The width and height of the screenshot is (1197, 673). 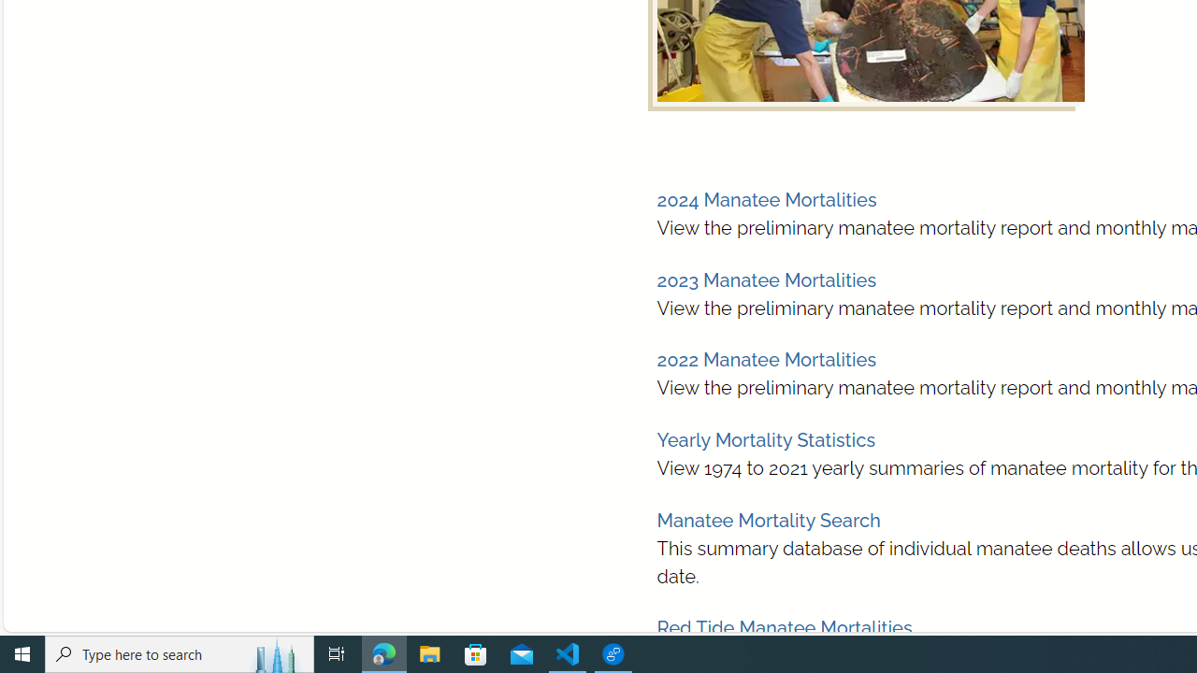 I want to click on 'Red Tide Manatee Mortalities', so click(x=784, y=628).